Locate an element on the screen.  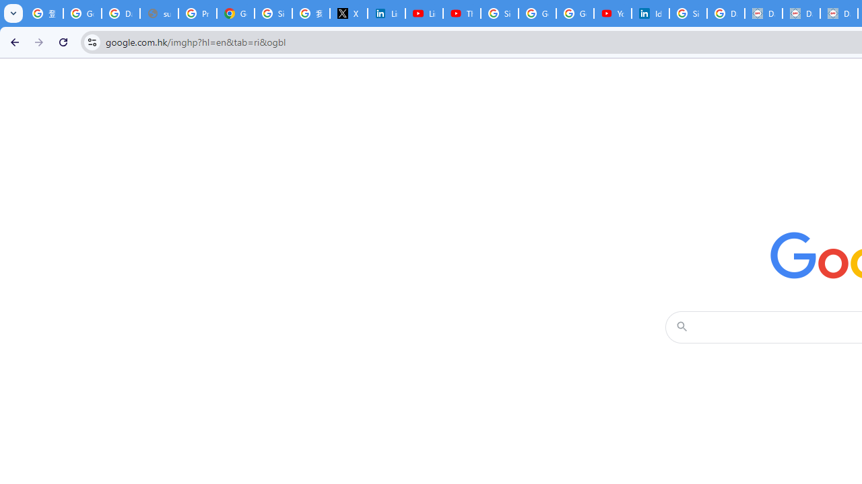
'Privacy Help Center - Policies Help' is located at coordinates (197, 13).